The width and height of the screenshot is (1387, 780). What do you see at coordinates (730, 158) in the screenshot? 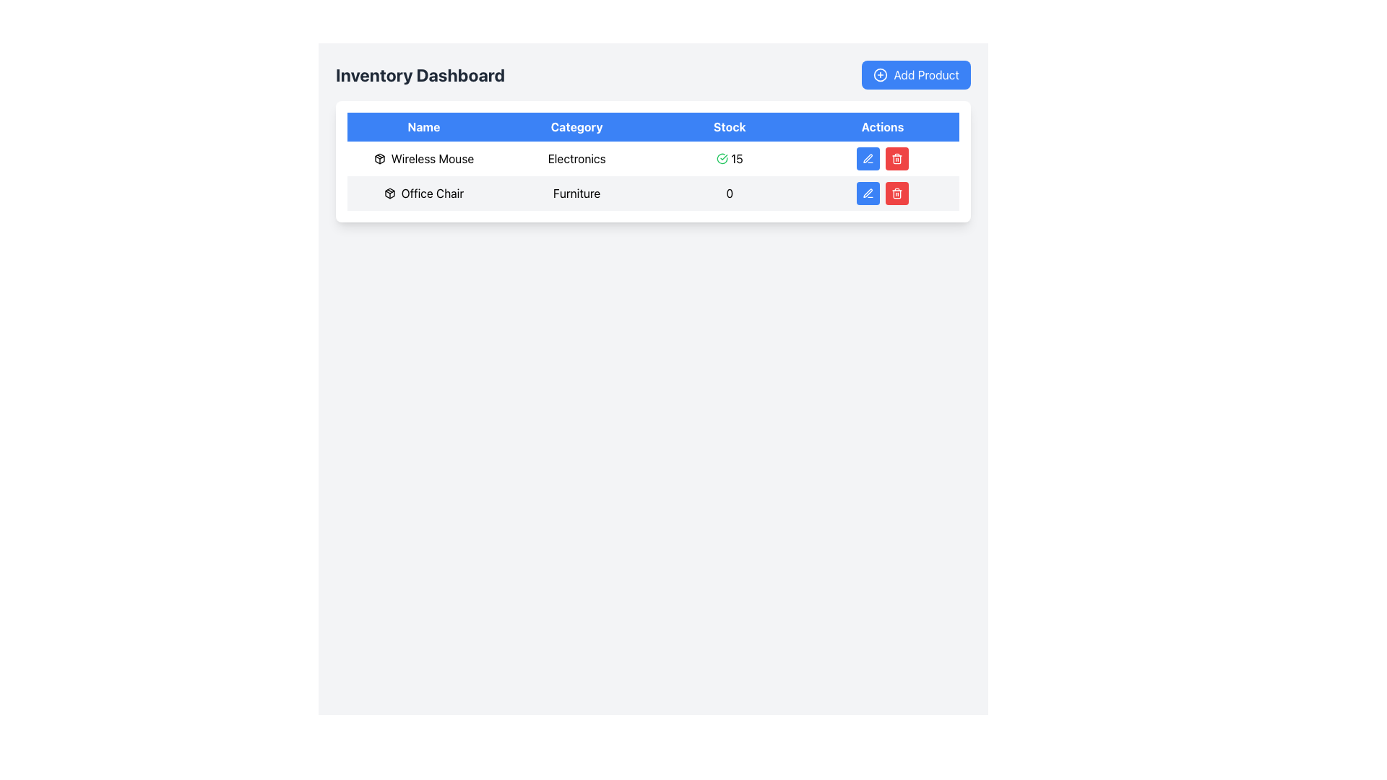
I see `the Stock indicator icon for the product 'Wireless Mouse', which is in the third column of the row labeled 'Stock' and has a green checkmark indicating adequate stock` at bounding box center [730, 158].